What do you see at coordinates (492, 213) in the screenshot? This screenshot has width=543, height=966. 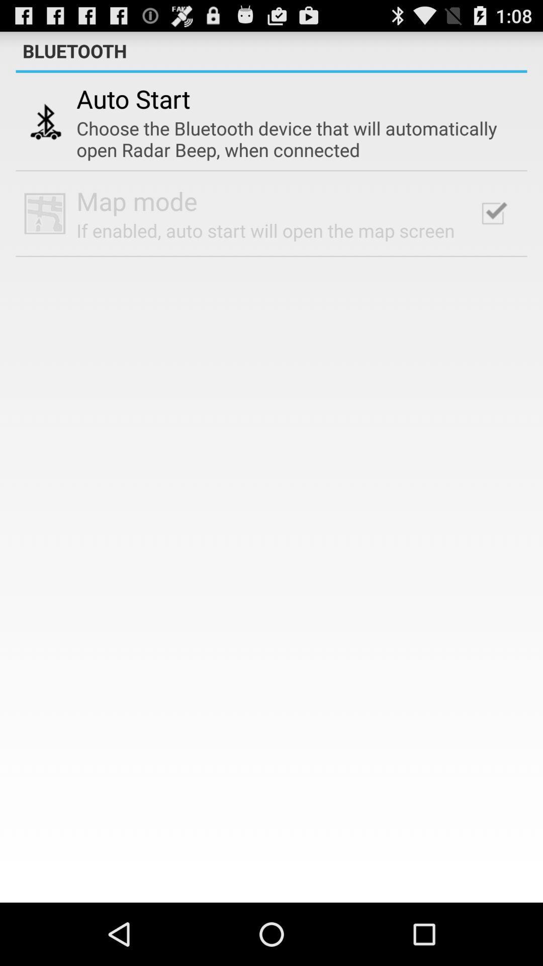 I see `the item next to the if enabled auto icon` at bounding box center [492, 213].